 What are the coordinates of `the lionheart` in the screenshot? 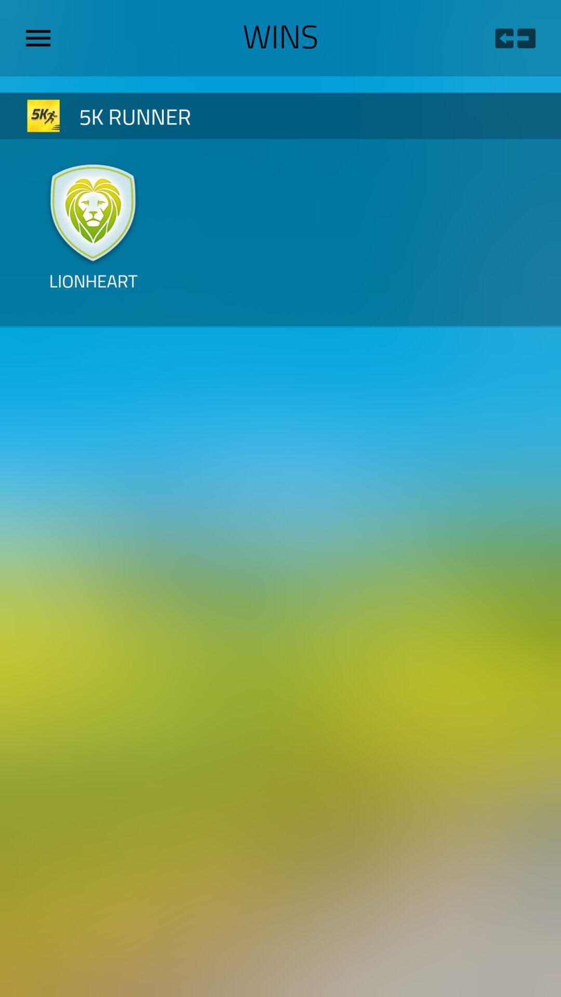 It's located at (92, 289).